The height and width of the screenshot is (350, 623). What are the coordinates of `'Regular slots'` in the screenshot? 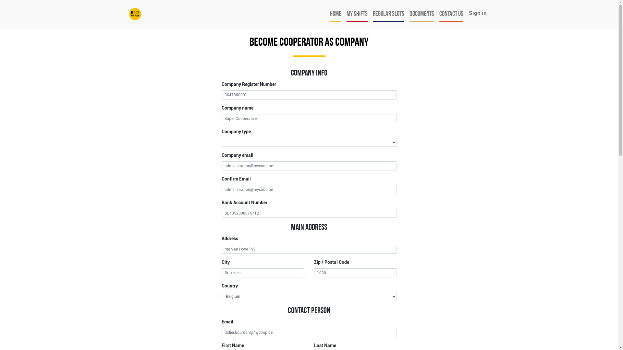 It's located at (388, 14).